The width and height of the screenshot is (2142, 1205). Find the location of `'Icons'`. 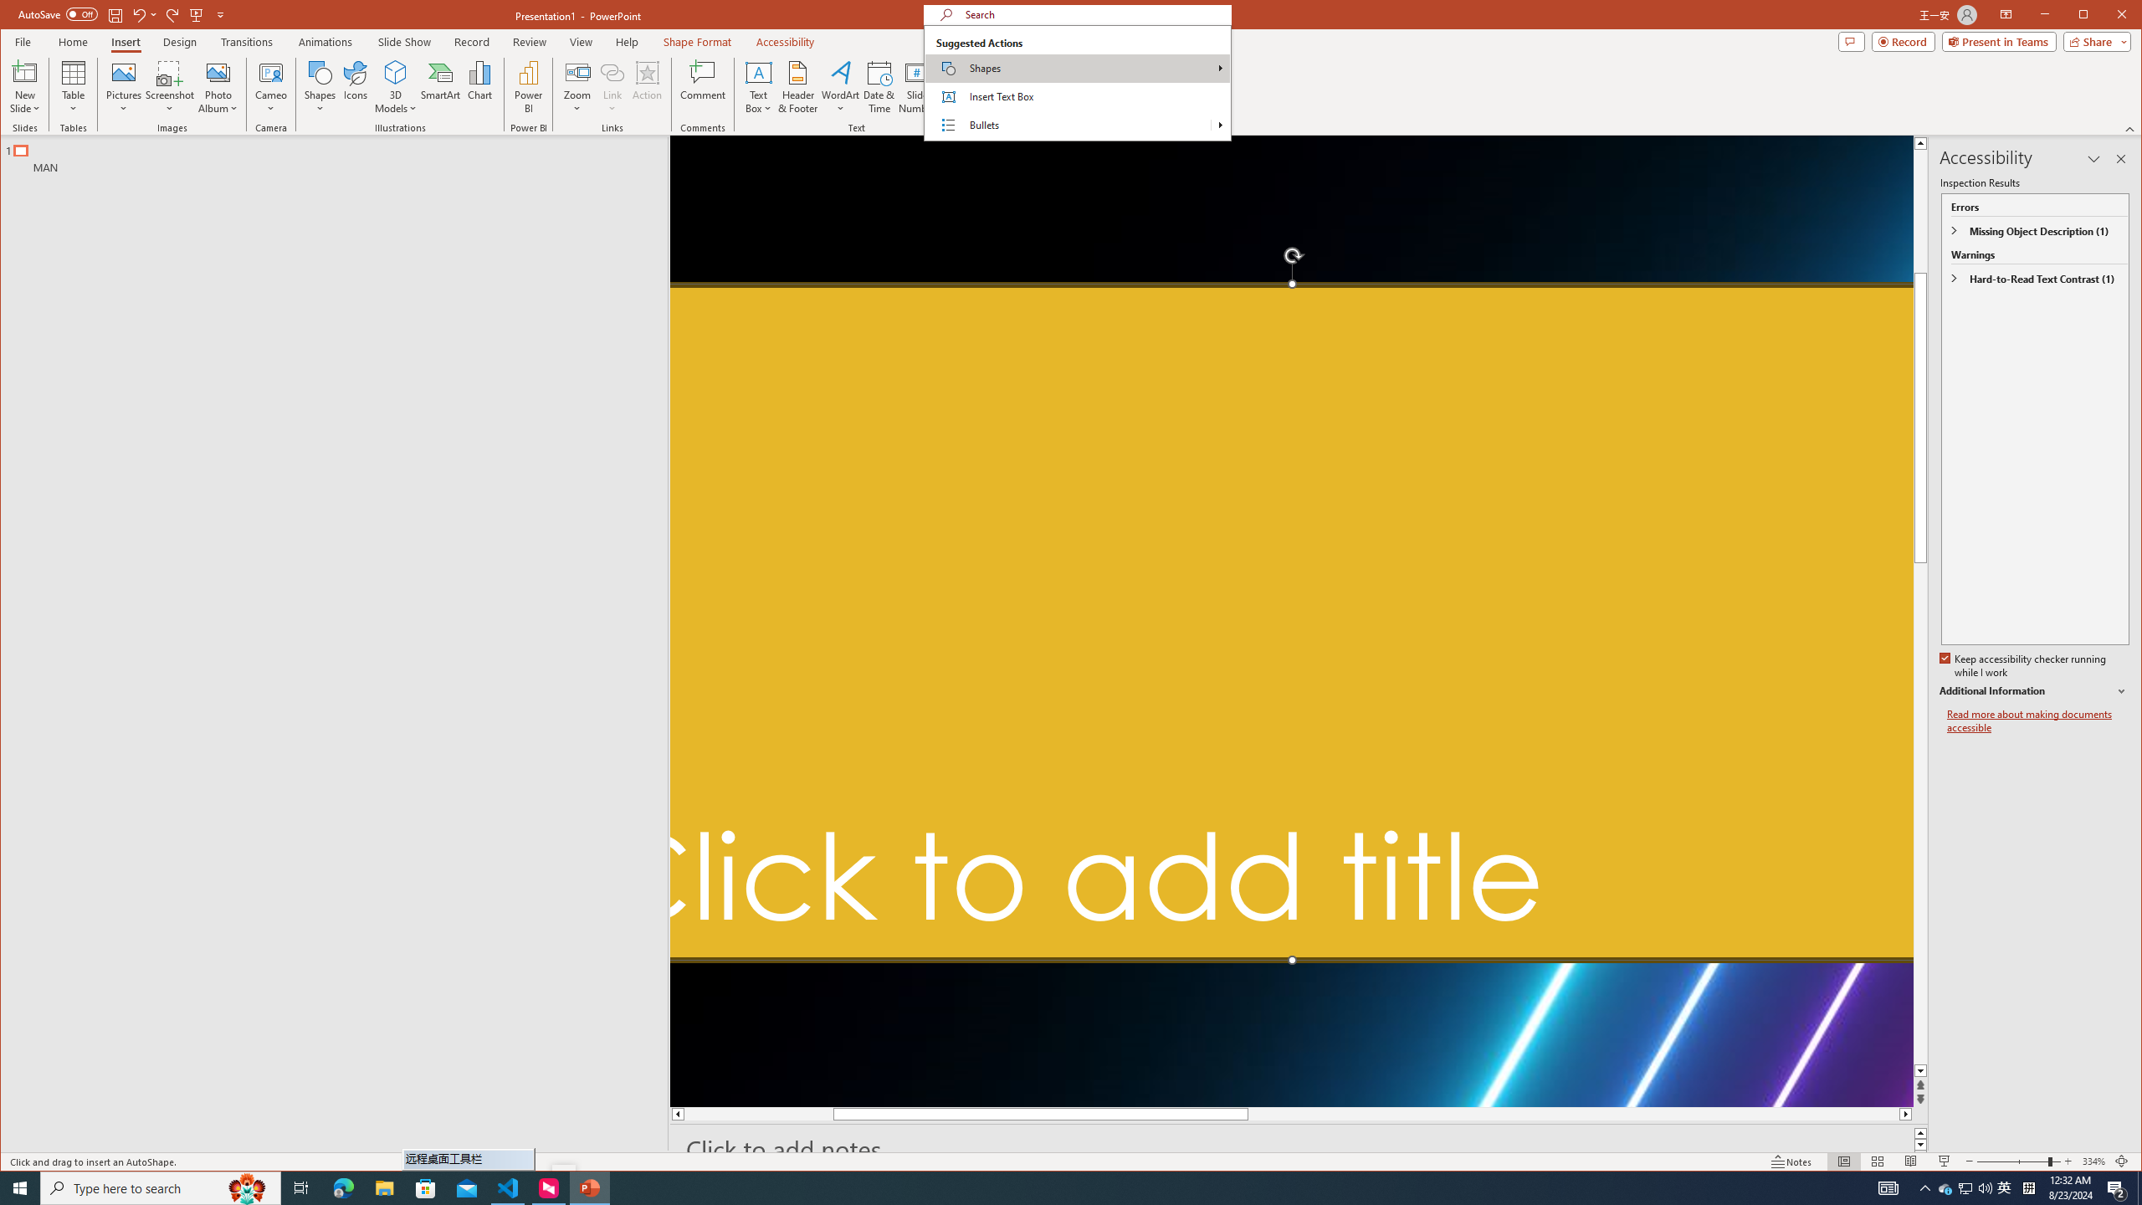

'Icons' is located at coordinates (354, 86).